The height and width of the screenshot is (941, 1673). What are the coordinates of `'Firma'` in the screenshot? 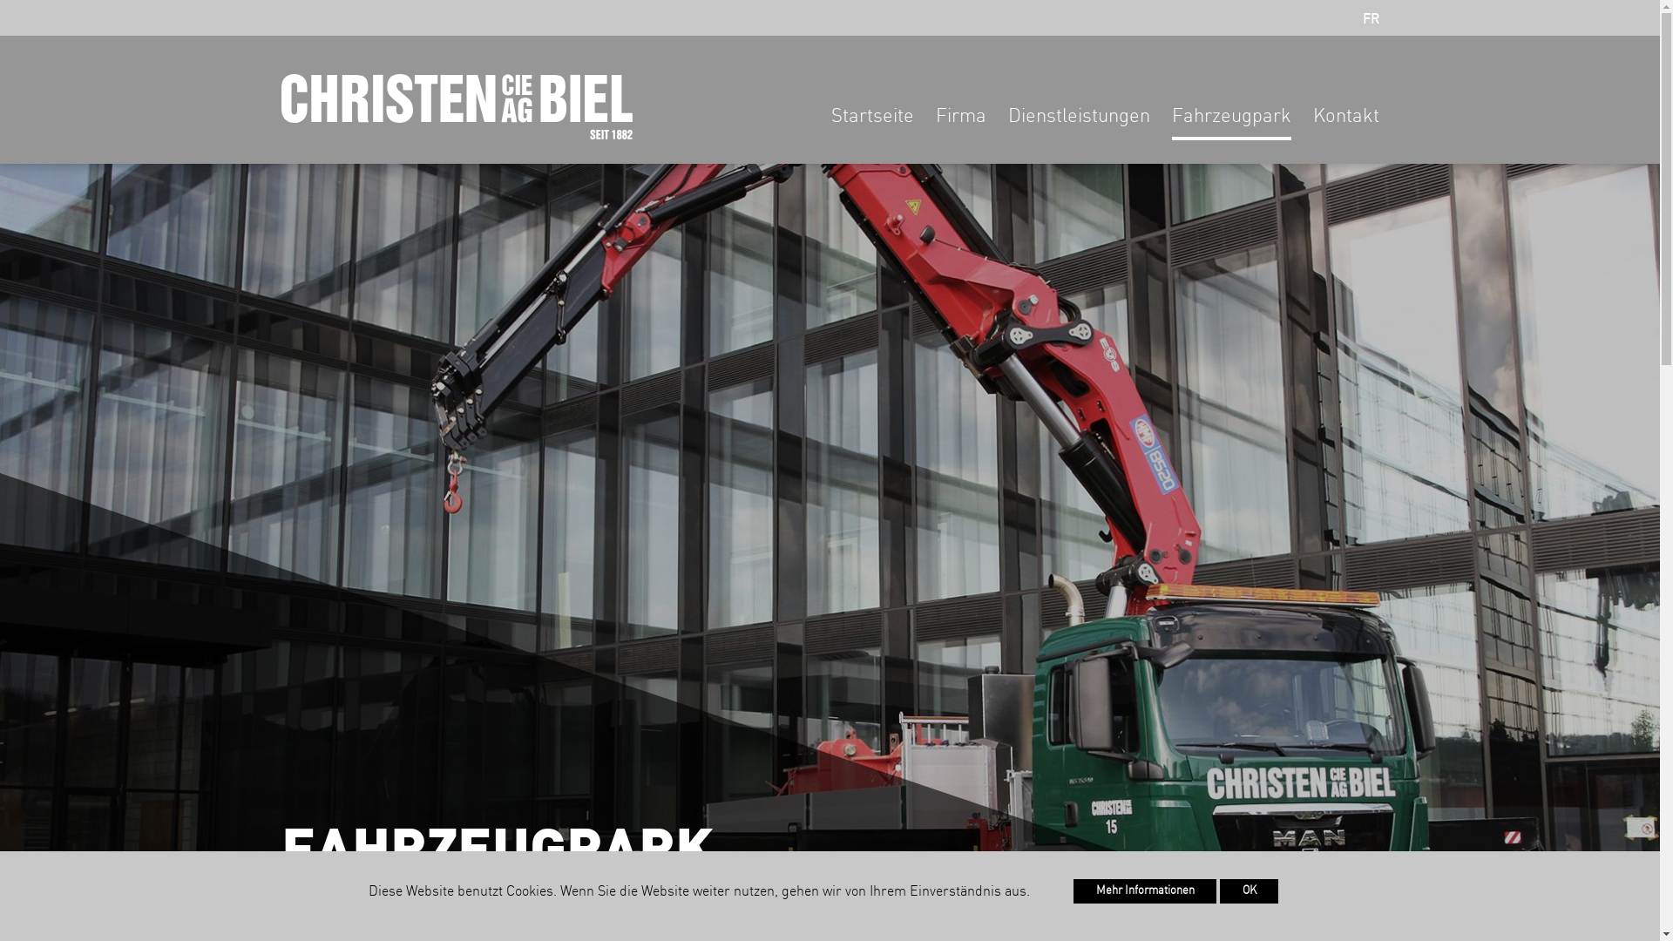 It's located at (960, 123).